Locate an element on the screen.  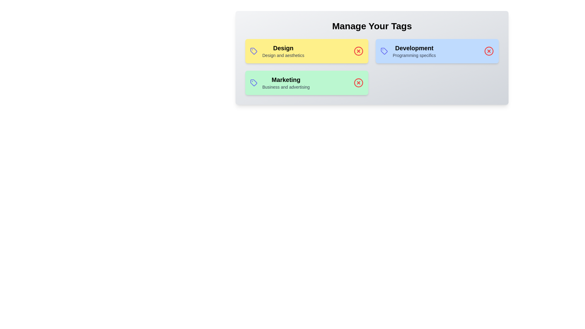
the description of the tag labeled Marketing is located at coordinates (285, 80).